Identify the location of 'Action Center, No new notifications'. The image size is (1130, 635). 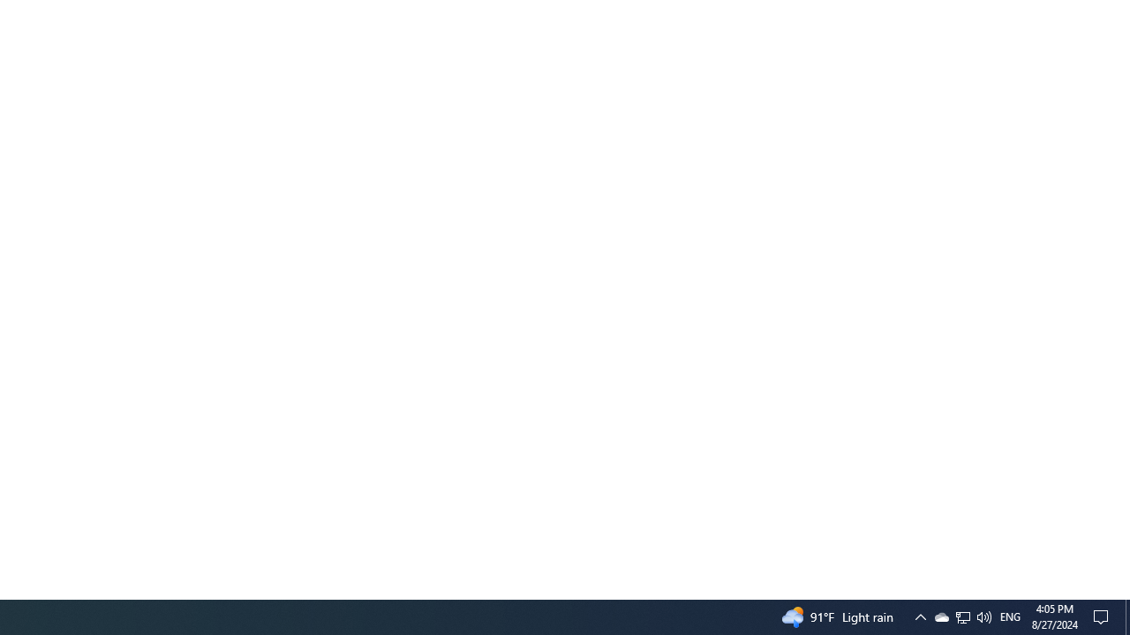
(1104, 616).